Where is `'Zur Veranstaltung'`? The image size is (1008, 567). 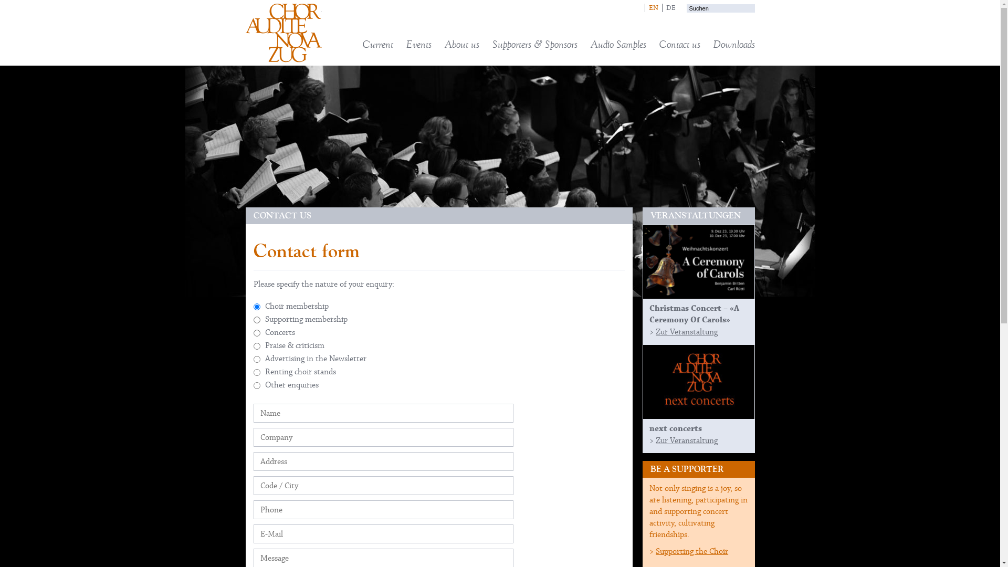 'Zur Veranstaltung' is located at coordinates (687, 332).